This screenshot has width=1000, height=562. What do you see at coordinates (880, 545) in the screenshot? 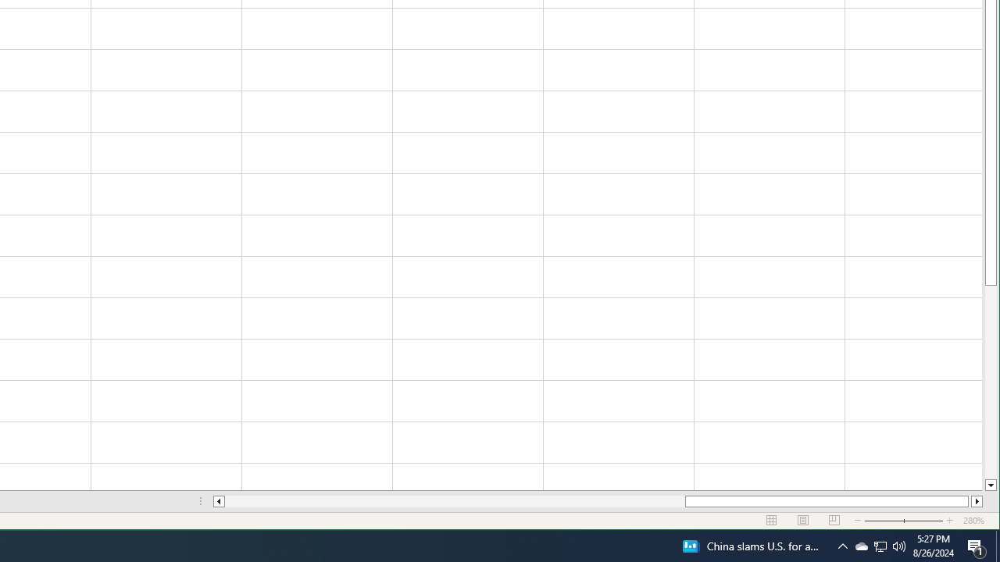
I see `'User Promoted Notification Area'` at bounding box center [880, 545].